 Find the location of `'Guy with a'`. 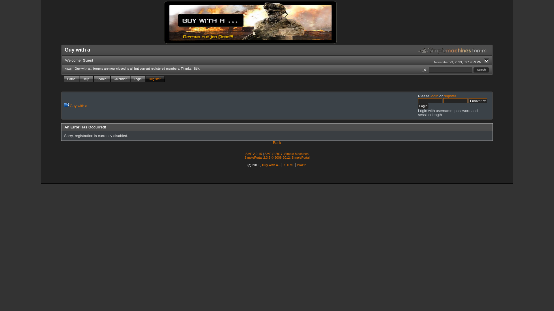

'Guy with a' is located at coordinates (78, 106).